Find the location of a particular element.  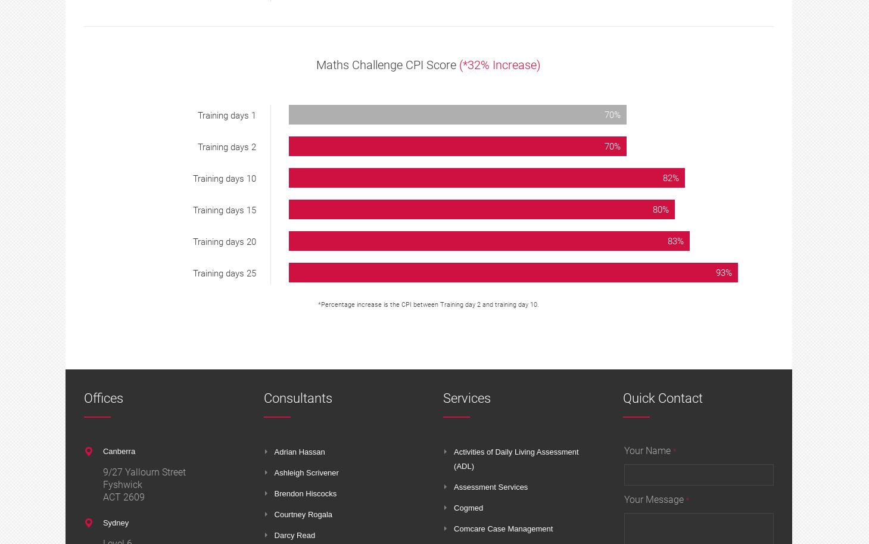

'Activities of Daily Living Assessment (ADL)' is located at coordinates (516, 459).